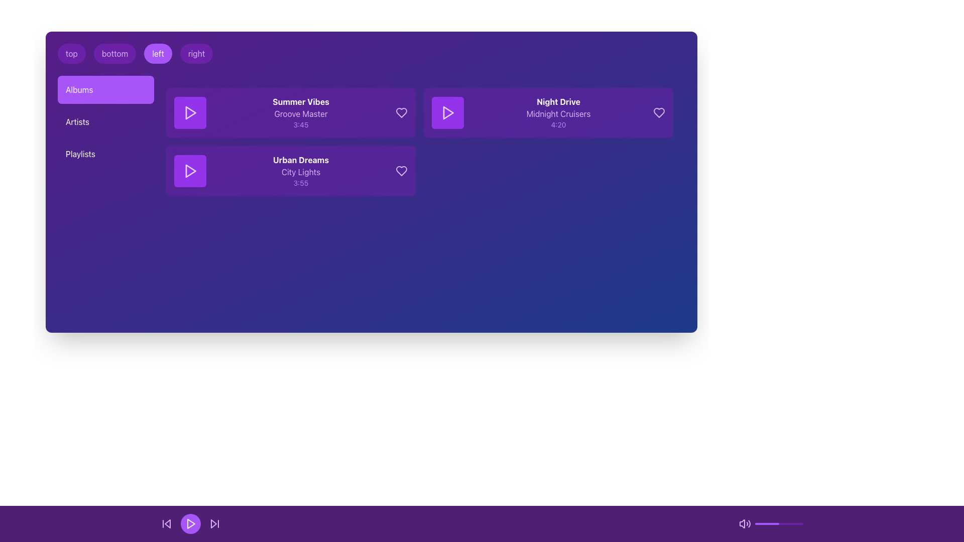 The image size is (964, 542). What do you see at coordinates (768, 523) in the screenshot?
I see `the volume level` at bounding box center [768, 523].